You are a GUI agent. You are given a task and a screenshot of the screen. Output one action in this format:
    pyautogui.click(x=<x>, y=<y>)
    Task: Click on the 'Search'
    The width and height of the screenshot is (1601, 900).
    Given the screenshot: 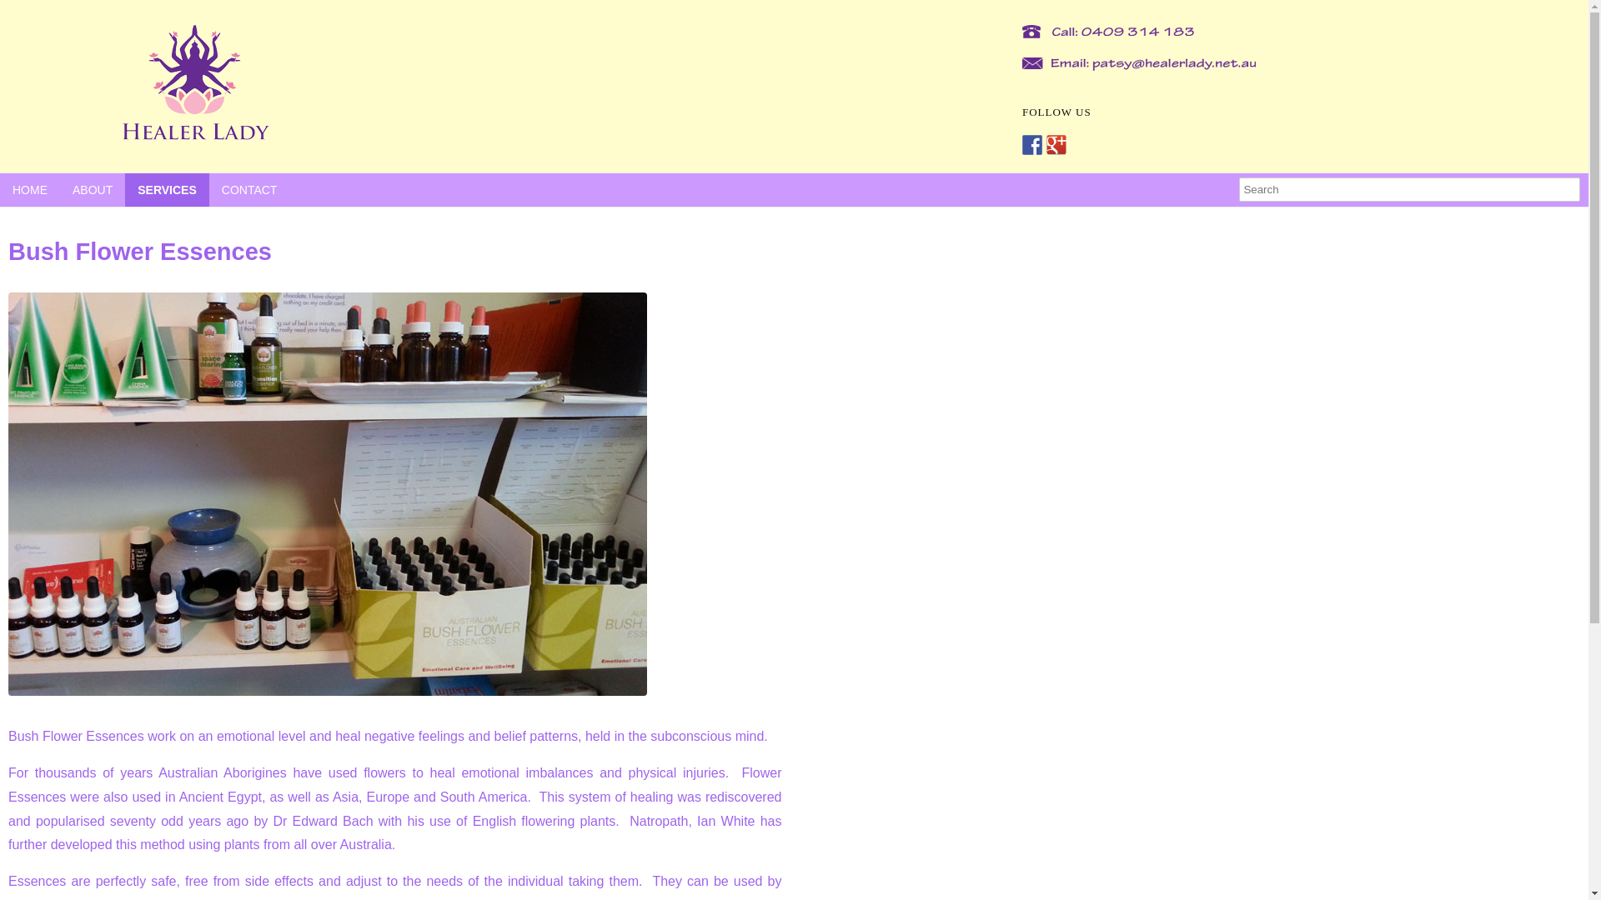 What is the action you would take?
    pyautogui.click(x=1408, y=187)
    